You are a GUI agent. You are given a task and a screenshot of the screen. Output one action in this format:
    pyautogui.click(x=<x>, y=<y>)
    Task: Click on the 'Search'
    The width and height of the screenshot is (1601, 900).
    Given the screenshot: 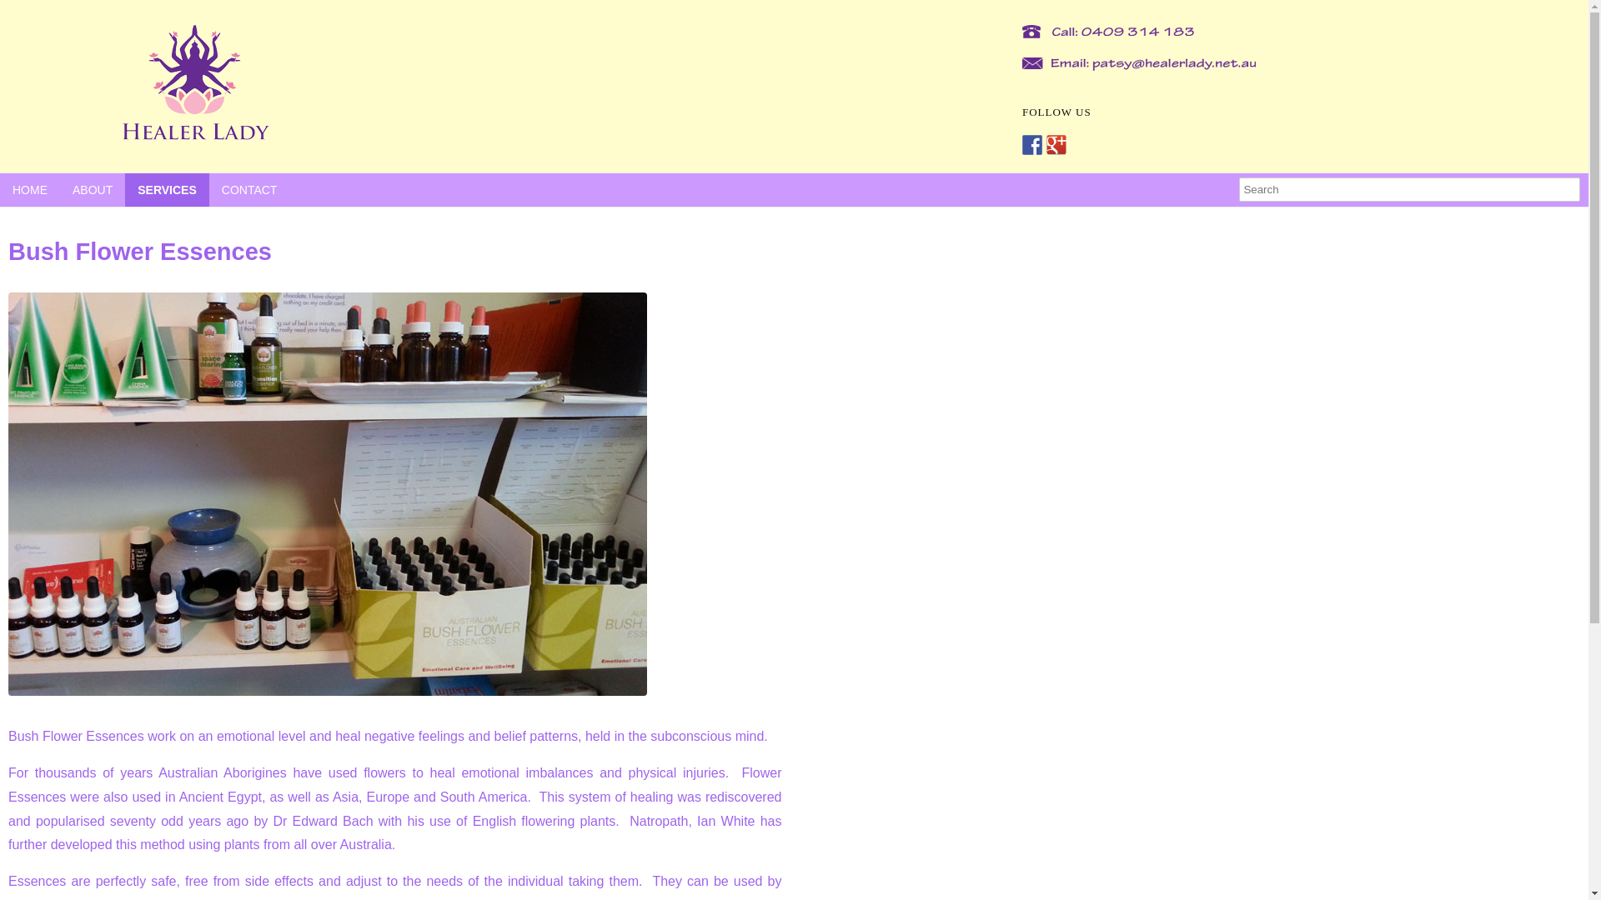 What is the action you would take?
    pyautogui.click(x=1408, y=187)
    